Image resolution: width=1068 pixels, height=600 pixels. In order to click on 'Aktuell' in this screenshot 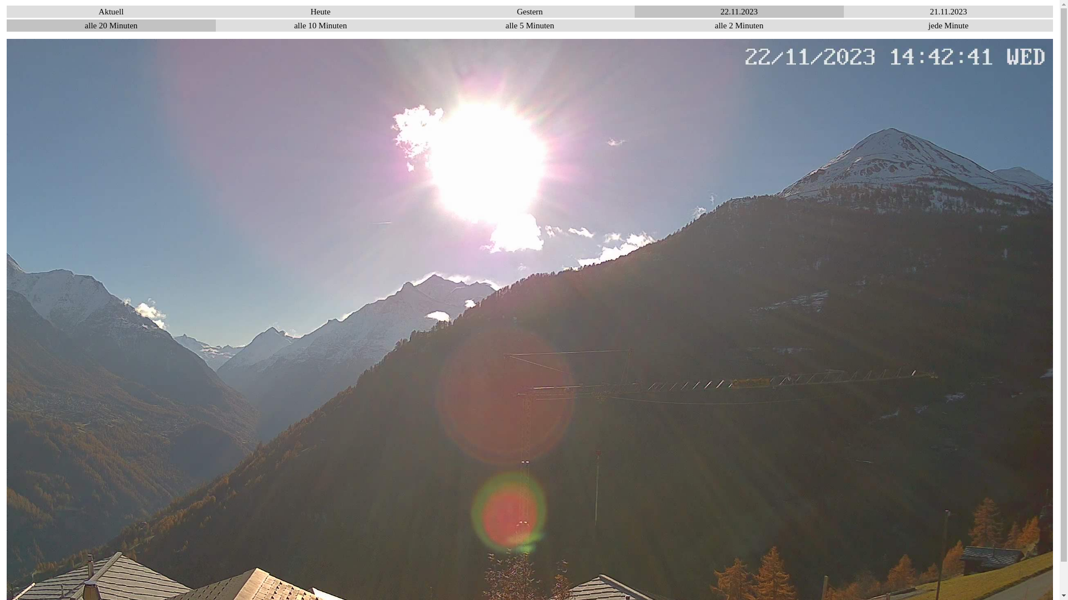, I will do `click(111, 11)`.